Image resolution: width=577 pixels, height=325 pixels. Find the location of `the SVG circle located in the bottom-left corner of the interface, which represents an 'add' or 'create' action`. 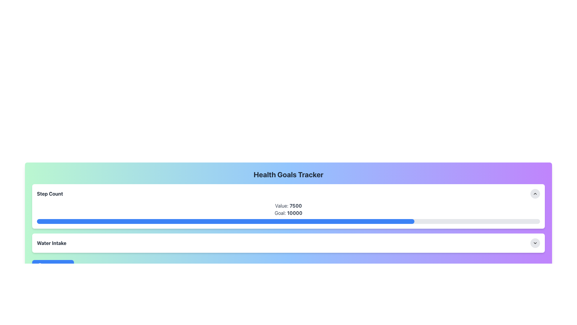

the SVG circle located in the bottom-left corner of the interface, which represents an 'add' or 'create' action is located at coordinates (40, 265).